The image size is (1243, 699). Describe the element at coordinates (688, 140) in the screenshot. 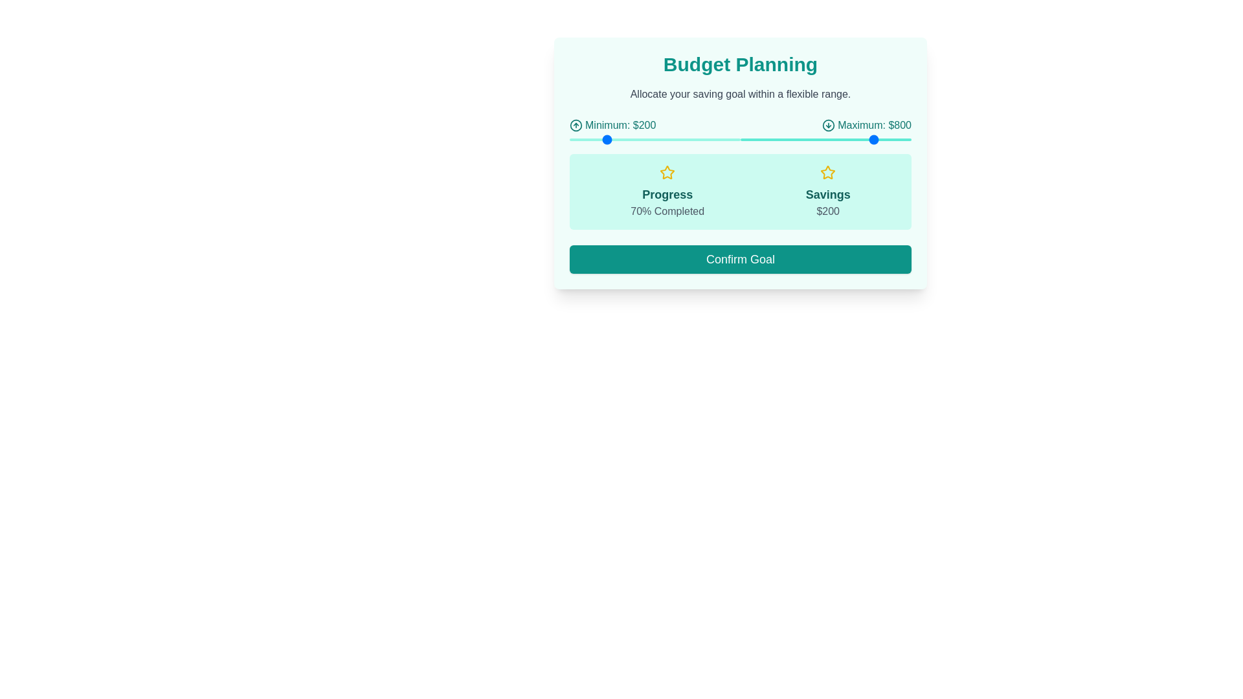

I see `the slider value` at that location.